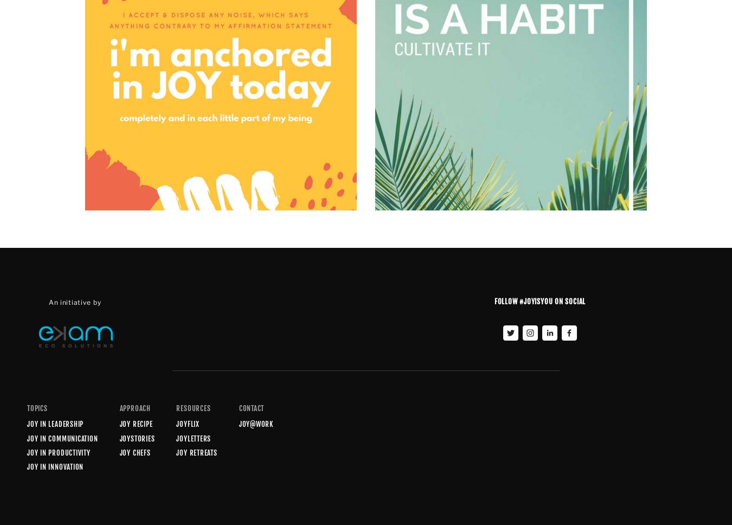  I want to click on 'An initiative by', so click(75, 302).